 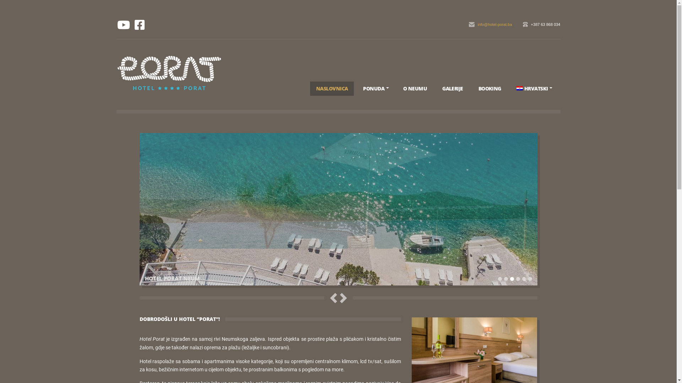 What do you see at coordinates (524, 278) in the screenshot?
I see `'5'` at bounding box center [524, 278].